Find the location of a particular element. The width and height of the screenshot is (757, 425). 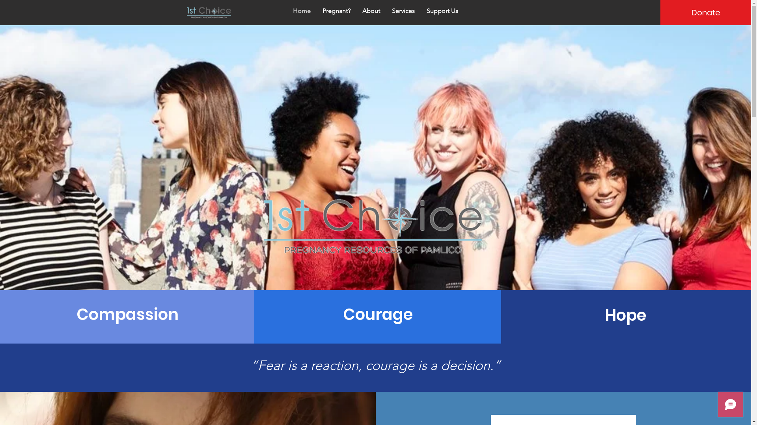

'Pregnant?' is located at coordinates (336, 11).